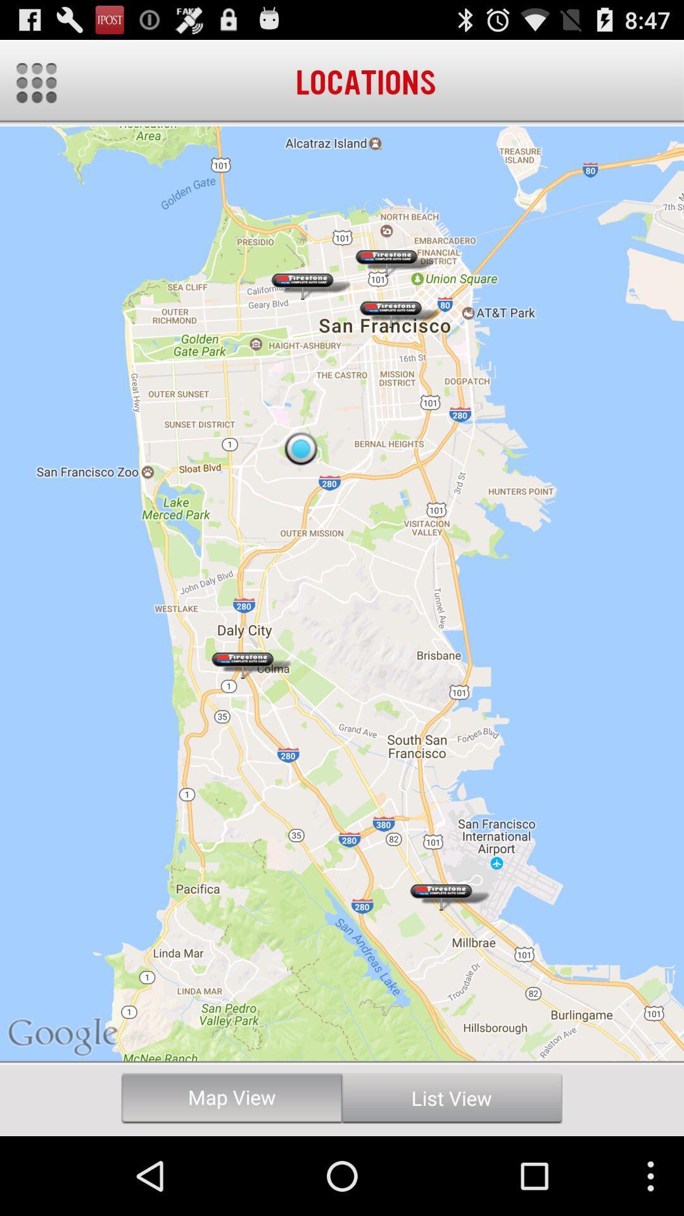 Image resolution: width=684 pixels, height=1216 pixels. I want to click on the settings icon, so click(35, 88).